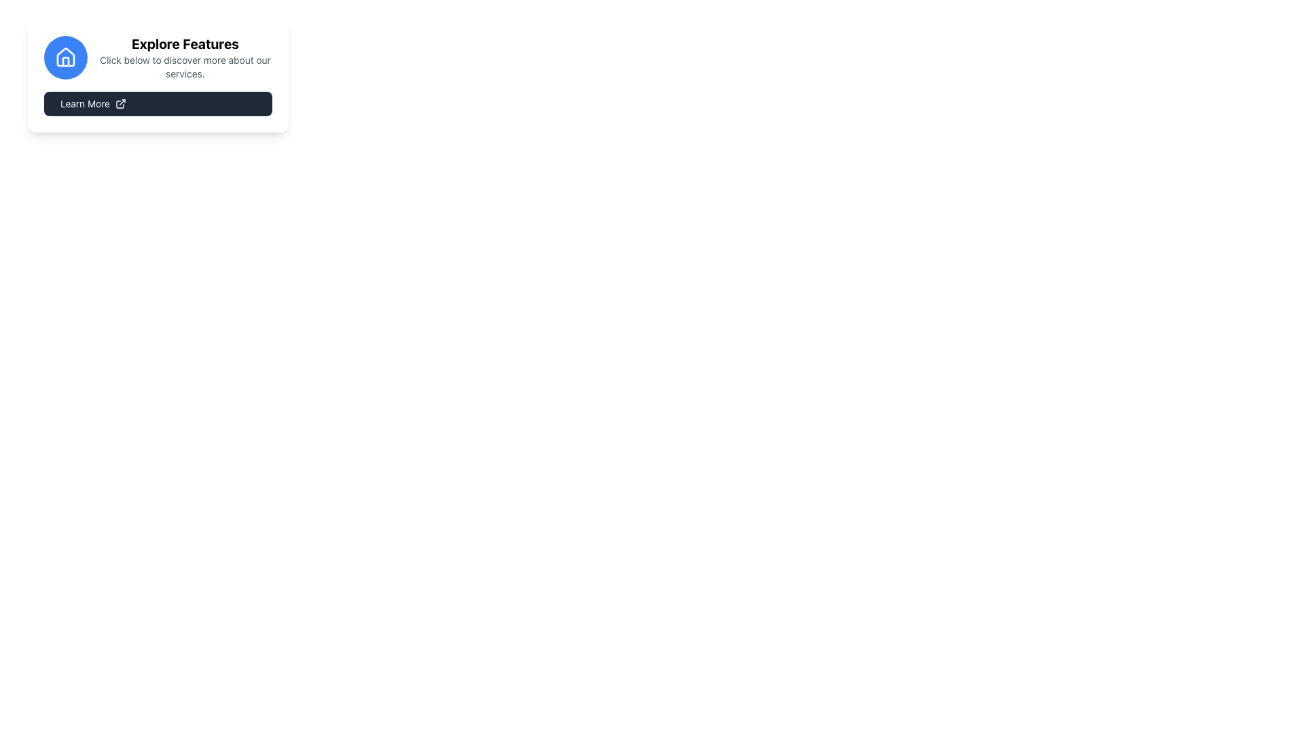  Describe the element at coordinates (185, 67) in the screenshot. I see `the static text element located directly below the header 'Explore Features'` at that location.